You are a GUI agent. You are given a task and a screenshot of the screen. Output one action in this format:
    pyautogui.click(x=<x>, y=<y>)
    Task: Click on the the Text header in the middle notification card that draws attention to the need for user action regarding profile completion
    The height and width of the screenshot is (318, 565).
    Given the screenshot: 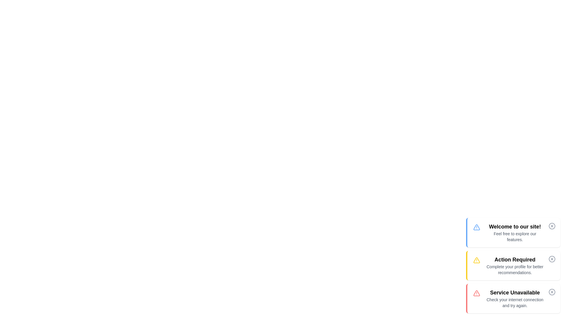 What is the action you would take?
    pyautogui.click(x=515, y=259)
    